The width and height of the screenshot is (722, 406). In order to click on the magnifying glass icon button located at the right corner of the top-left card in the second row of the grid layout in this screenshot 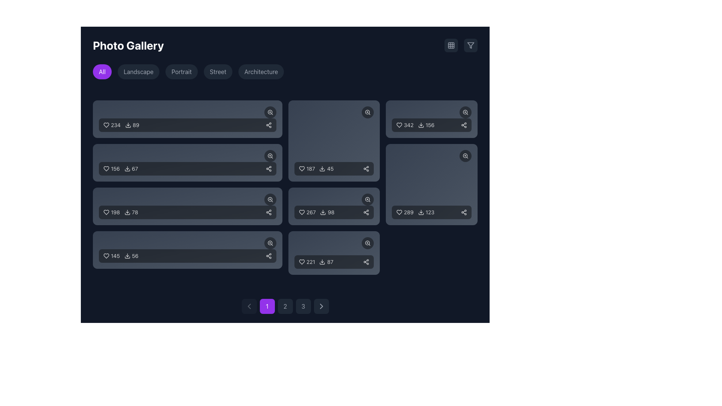, I will do `click(270, 112)`.